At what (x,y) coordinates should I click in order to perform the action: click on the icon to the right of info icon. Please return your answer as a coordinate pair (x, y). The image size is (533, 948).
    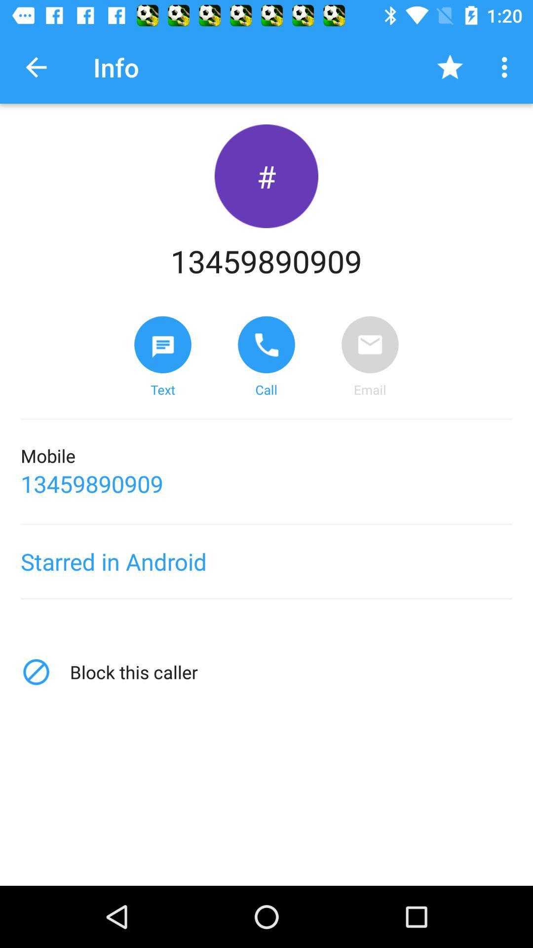
    Looking at the image, I should click on (450, 67).